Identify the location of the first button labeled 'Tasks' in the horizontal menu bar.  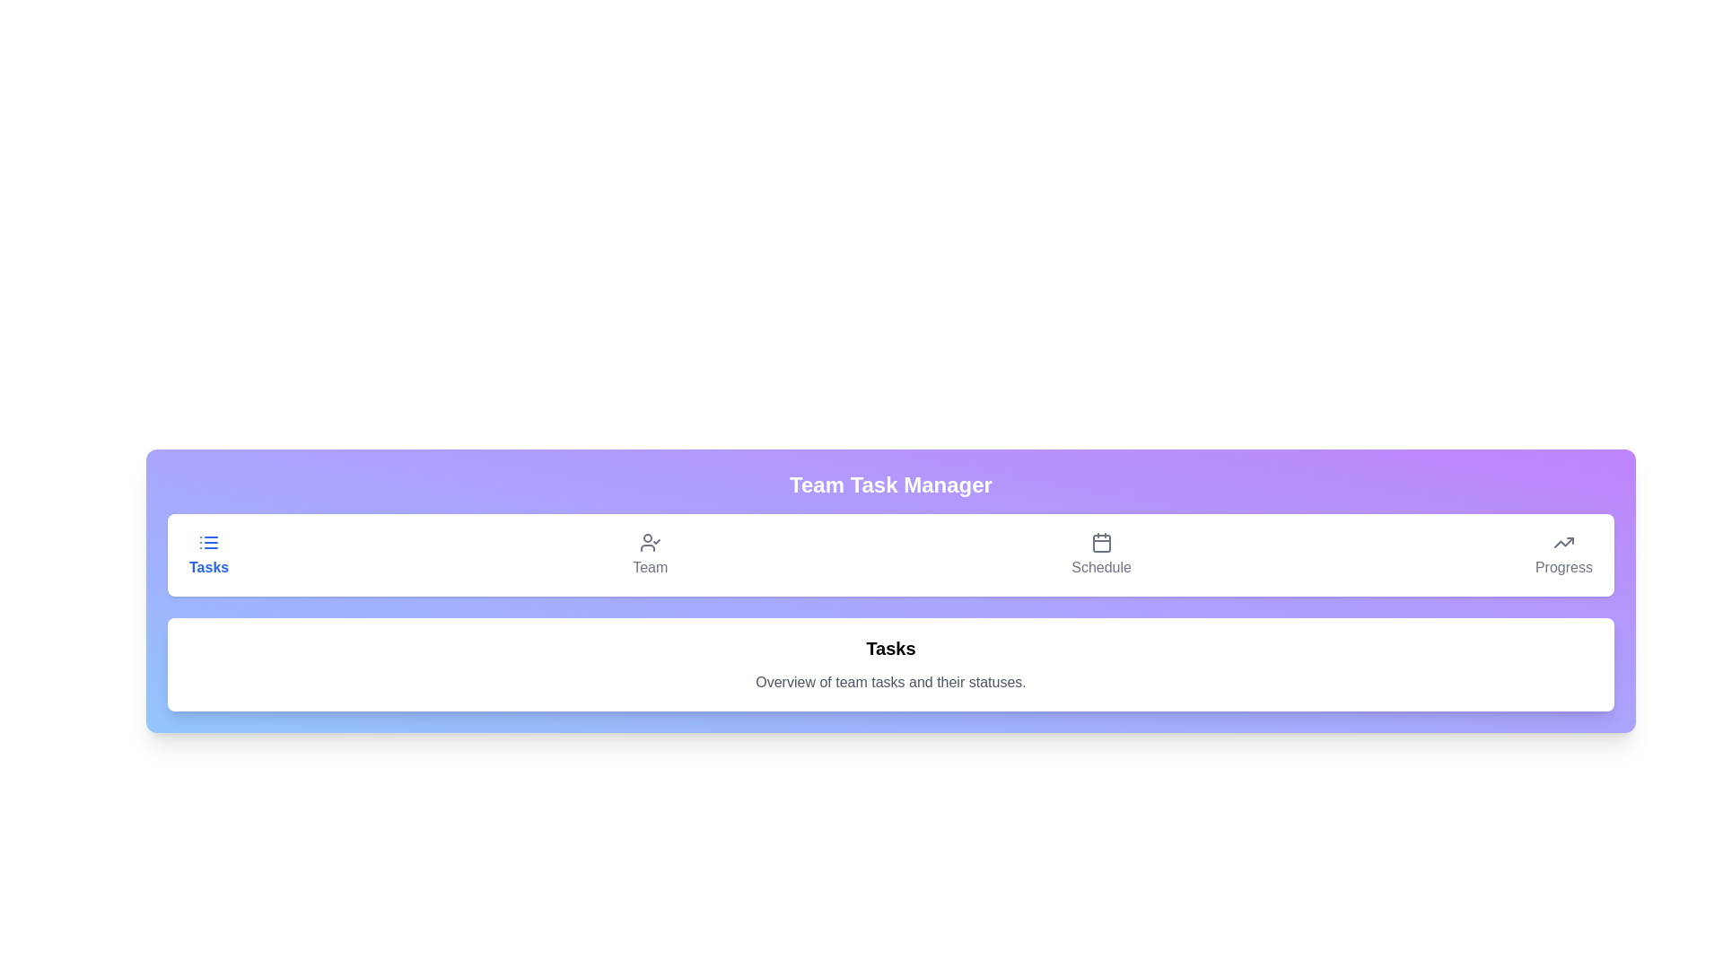
(209, 554).